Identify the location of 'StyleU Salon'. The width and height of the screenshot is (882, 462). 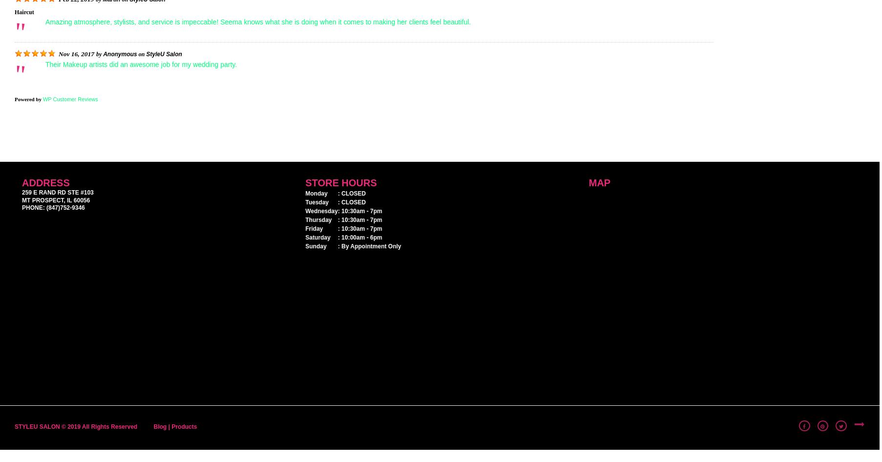
(163, 53).